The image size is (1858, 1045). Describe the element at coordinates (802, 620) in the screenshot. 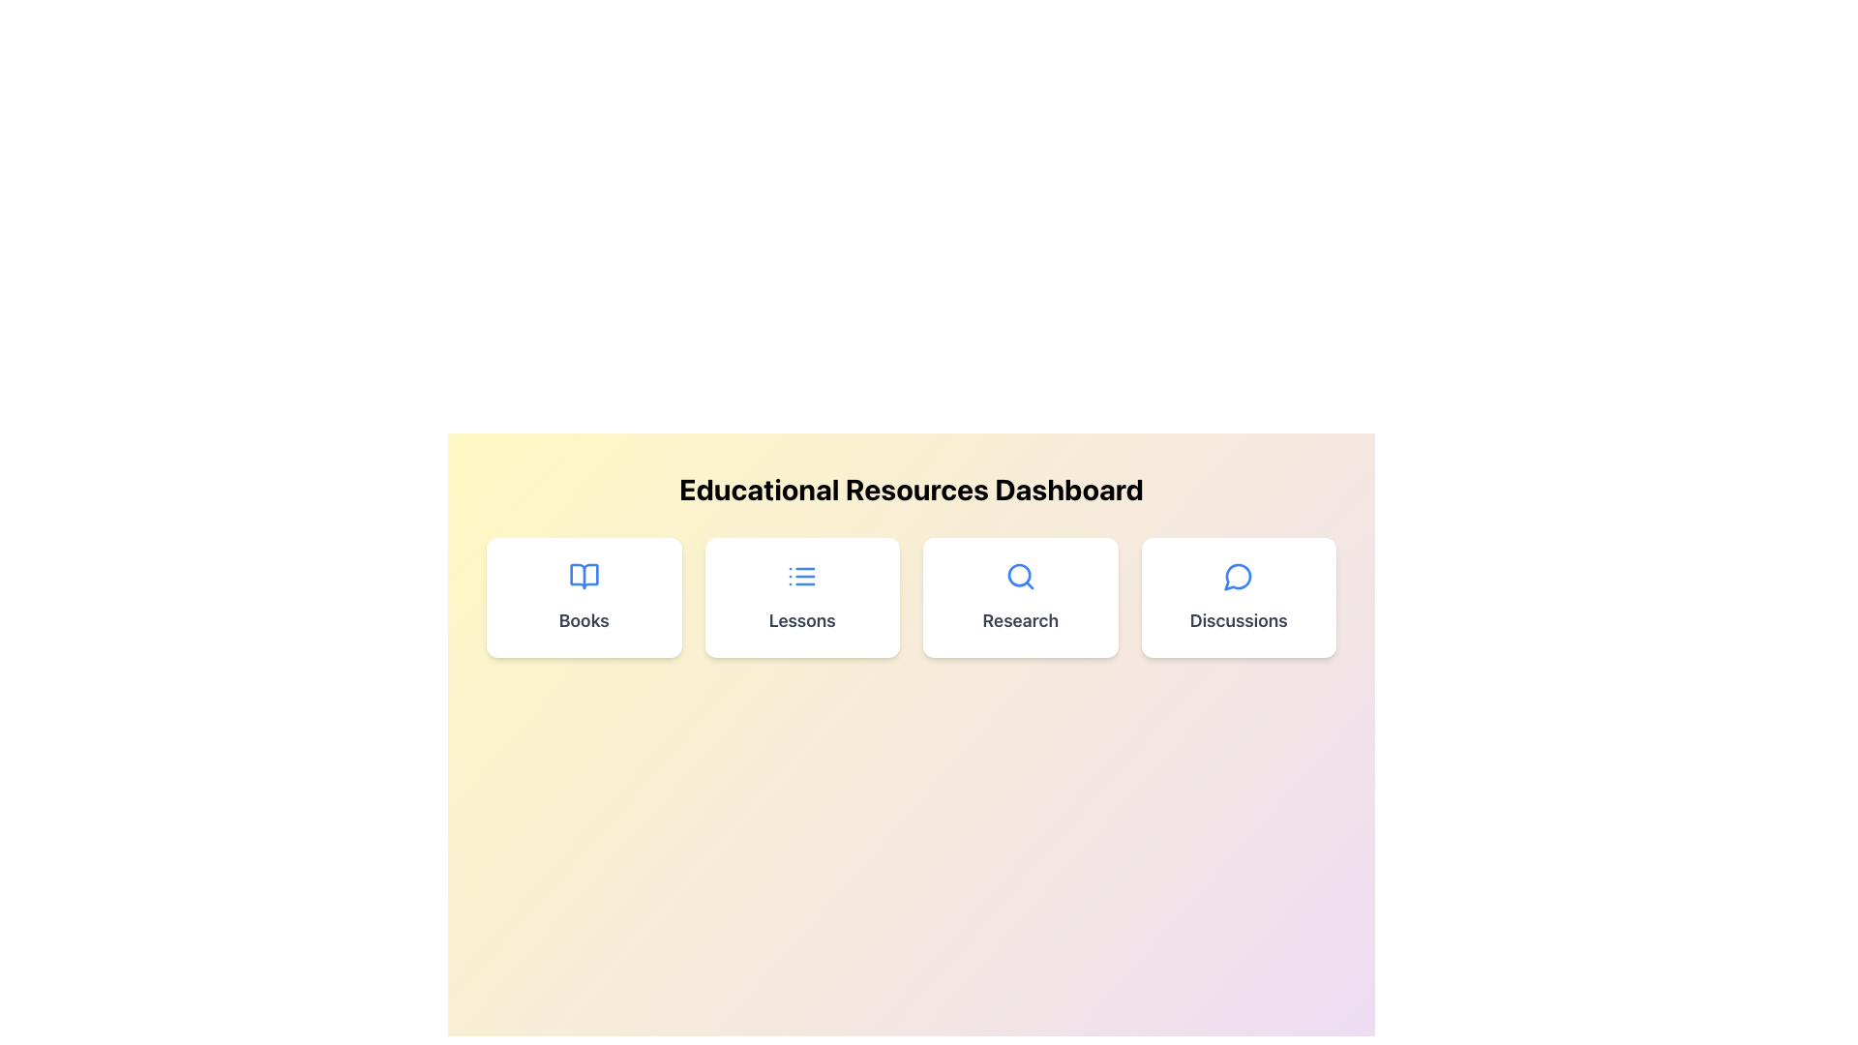

I see `'Lessons' text label, which is bold and dark gray, located at the bottom of its white rounded rectangular card in the Educational Resources Dashboard` at that location.